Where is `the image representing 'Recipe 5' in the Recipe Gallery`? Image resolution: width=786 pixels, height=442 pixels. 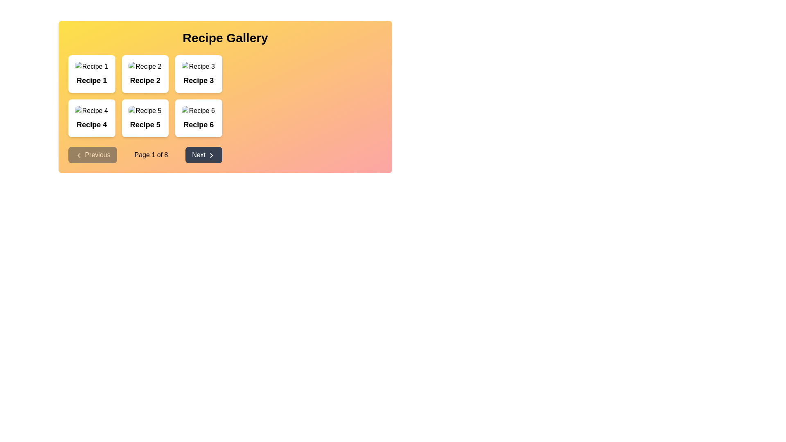
the image representing 'Recipe 5' in the Recipe Gallery is located at coordinates (145, 110).